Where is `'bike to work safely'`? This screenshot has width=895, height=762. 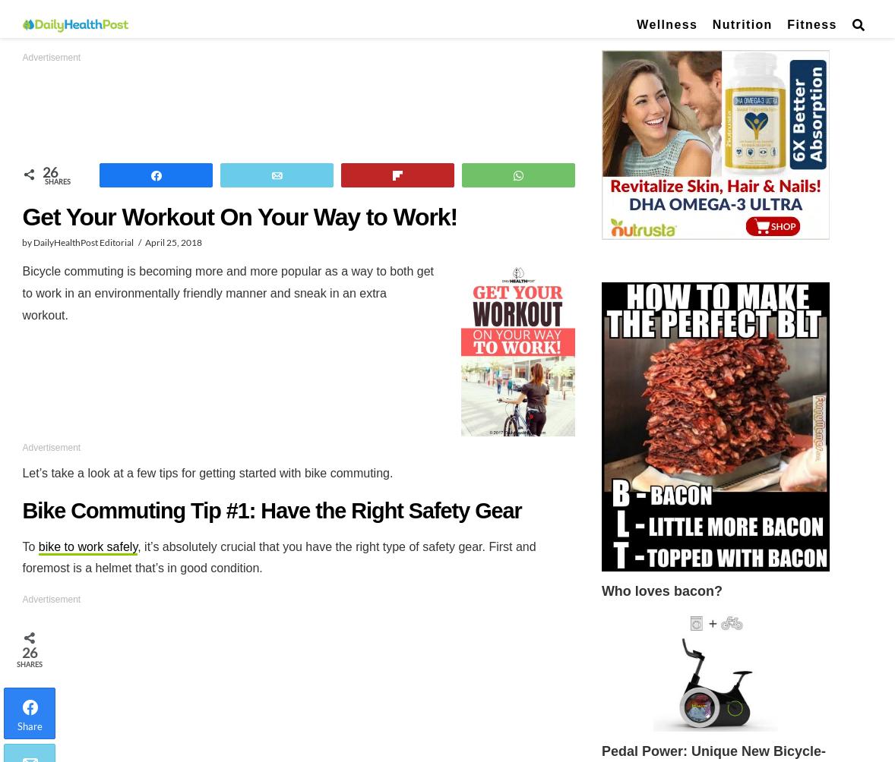 'bike to work safely' is located at coordinates (87, 545).